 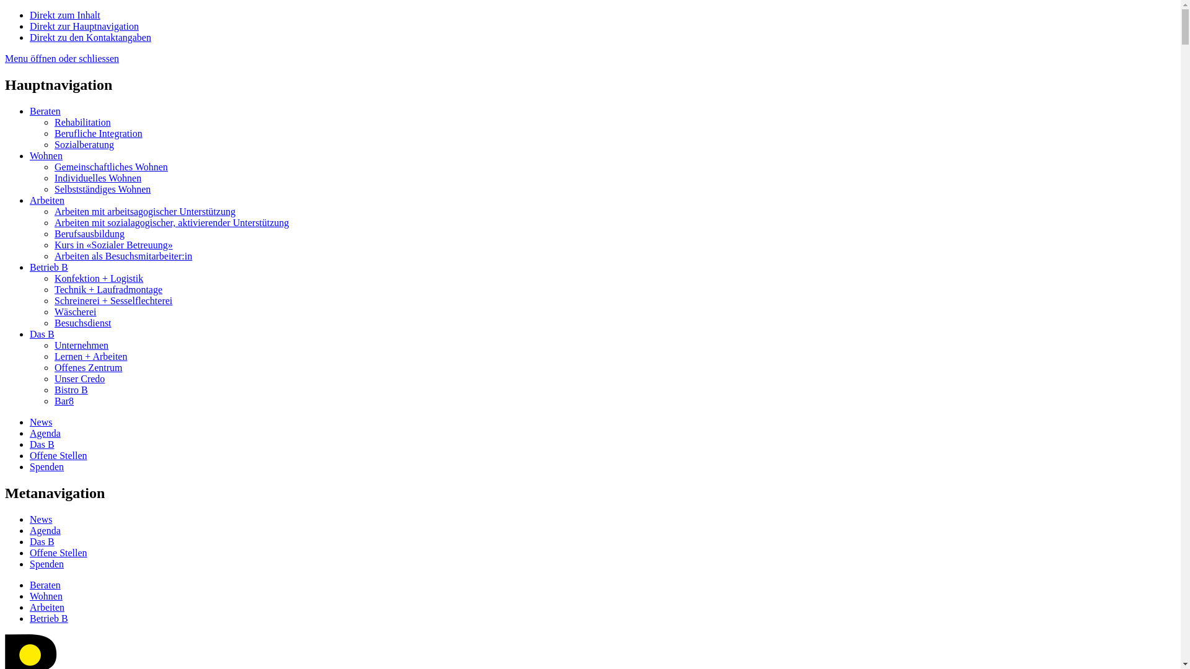 I want to click on 'Unser Credo', so click(x=53, y=378).